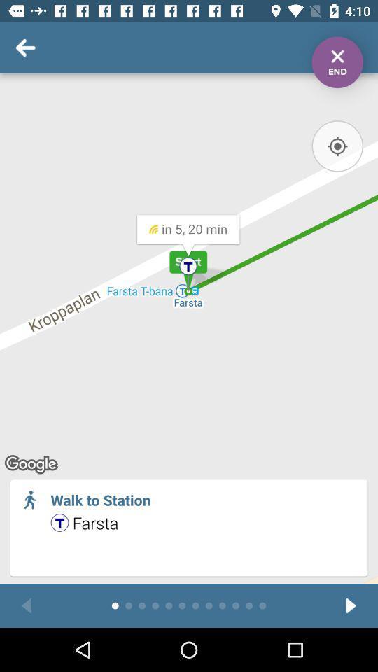 This screenshot has height=672, width=378. I want to click on go forward, so click(350, 605).